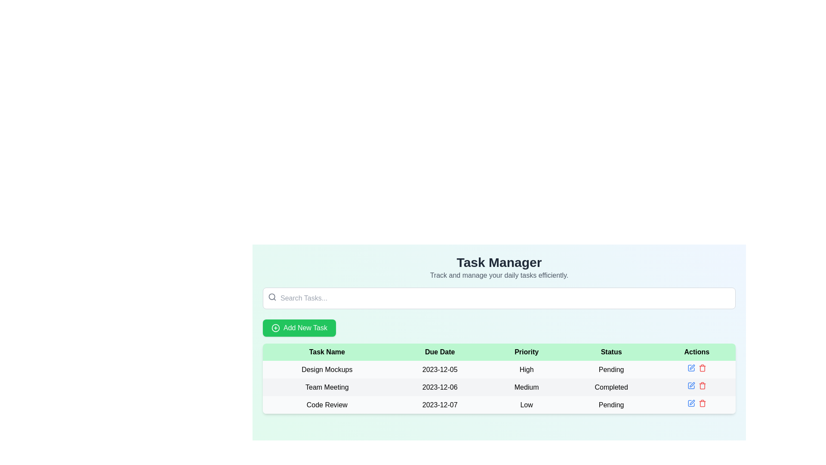 The height and width of the screenshot is (465, 826). Describe the element at coordinates (276, 328) in the screenshot. I see `the circular green icon with a plus symbol, which is located to the left of the 'Add New Task' text` at that location.